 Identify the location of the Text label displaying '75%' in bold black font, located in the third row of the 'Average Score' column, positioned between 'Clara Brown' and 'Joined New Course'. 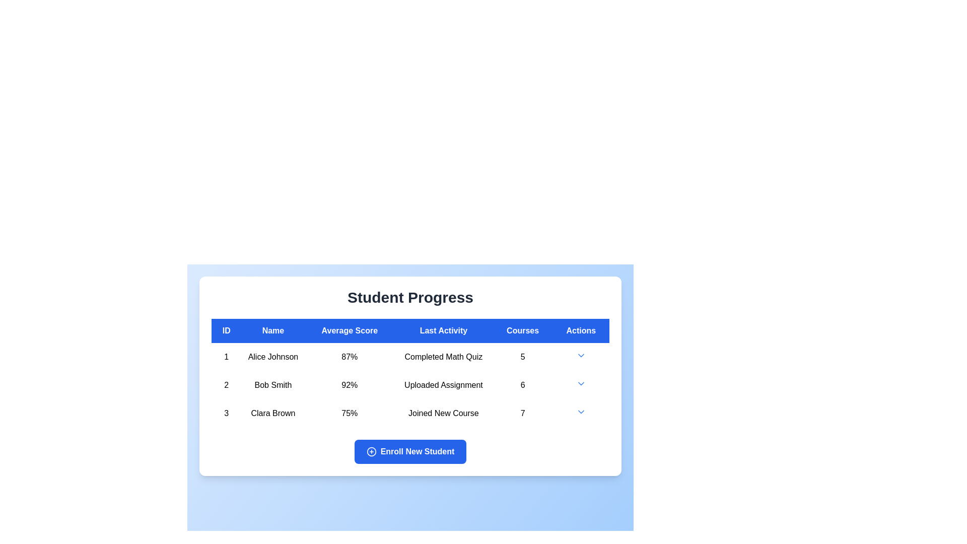
(350, 414).